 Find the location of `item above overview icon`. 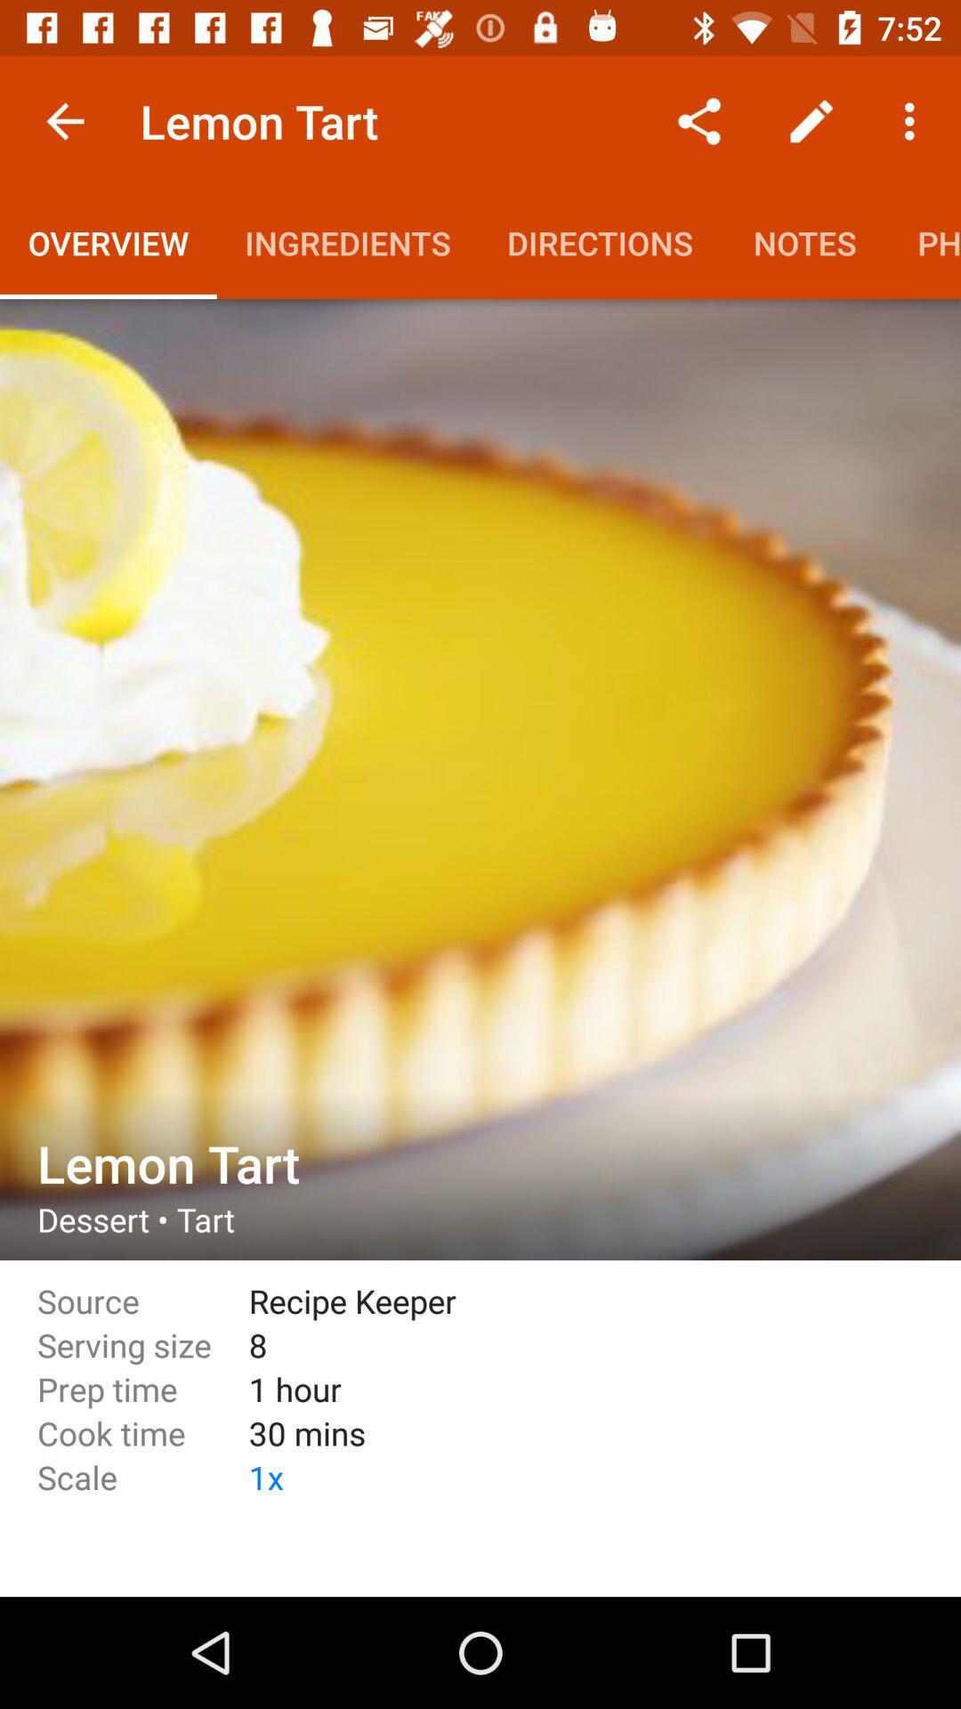

item above overview icon is located at coordinates (64, 120).